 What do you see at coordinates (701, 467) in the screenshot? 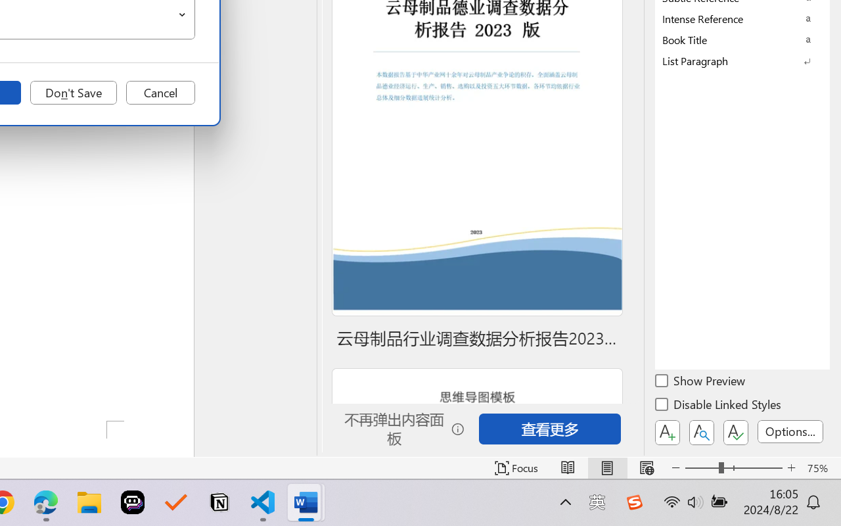
I see `'Zoom Out'` at bounding box center [701, 467].